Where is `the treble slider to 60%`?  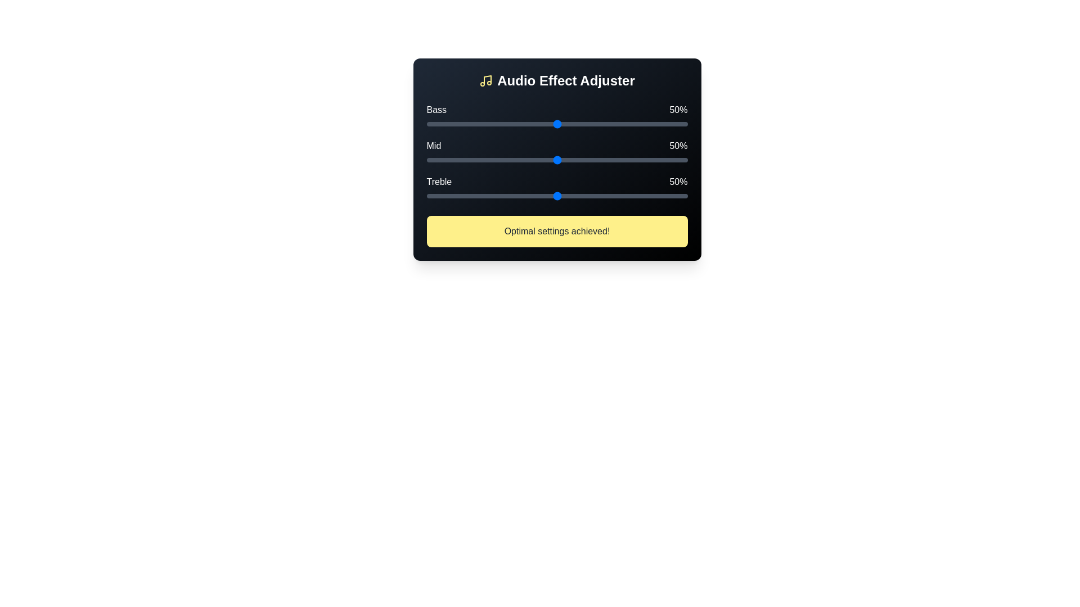
the treble slider to 60% is located at coordinates (583, 195).